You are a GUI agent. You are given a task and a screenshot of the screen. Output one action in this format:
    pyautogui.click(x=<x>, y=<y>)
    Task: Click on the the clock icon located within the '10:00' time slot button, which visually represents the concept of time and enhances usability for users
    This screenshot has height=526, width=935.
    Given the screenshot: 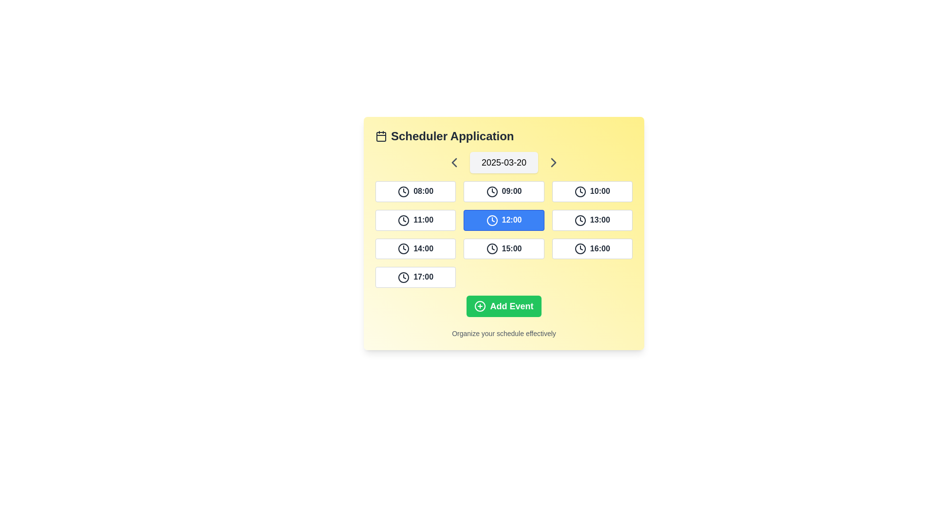 What is the action you would take?
    pyautogui.click(x=580, y=191)
    